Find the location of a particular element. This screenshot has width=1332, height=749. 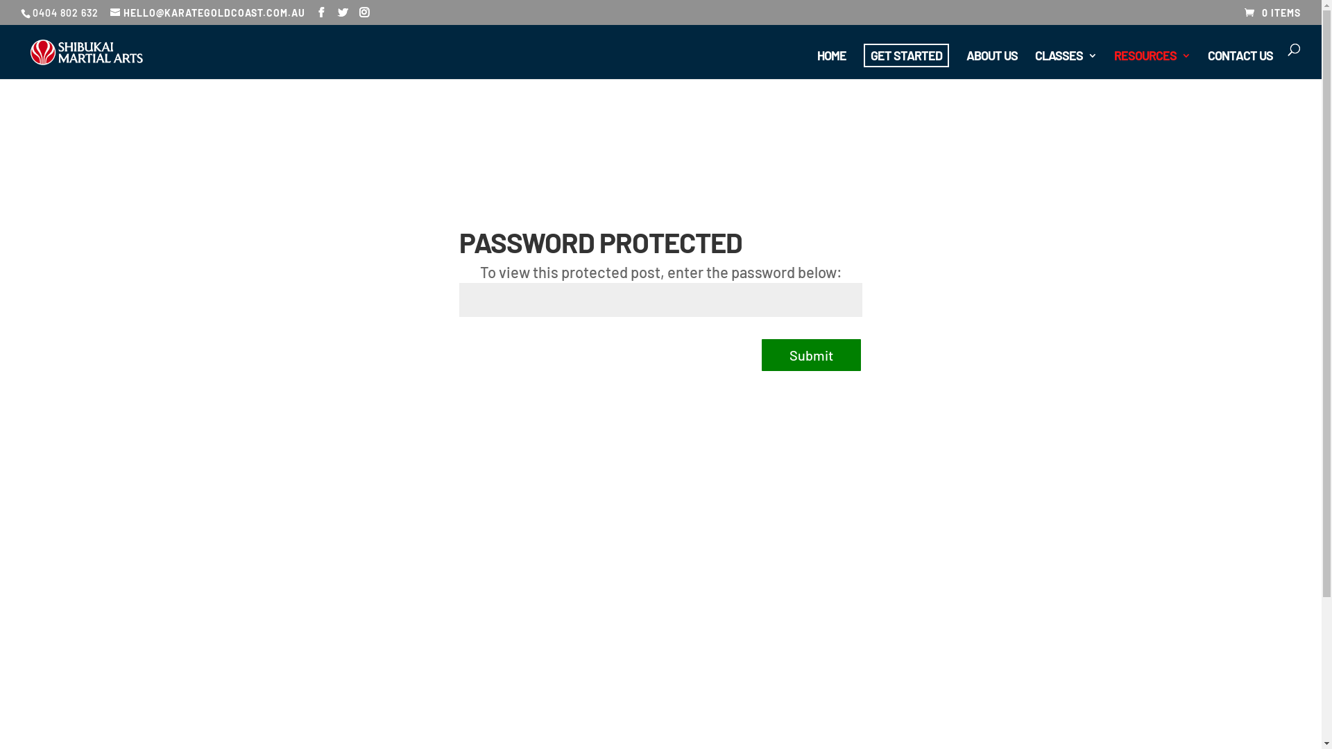

'Submit' is located at coordinates (811, 354).